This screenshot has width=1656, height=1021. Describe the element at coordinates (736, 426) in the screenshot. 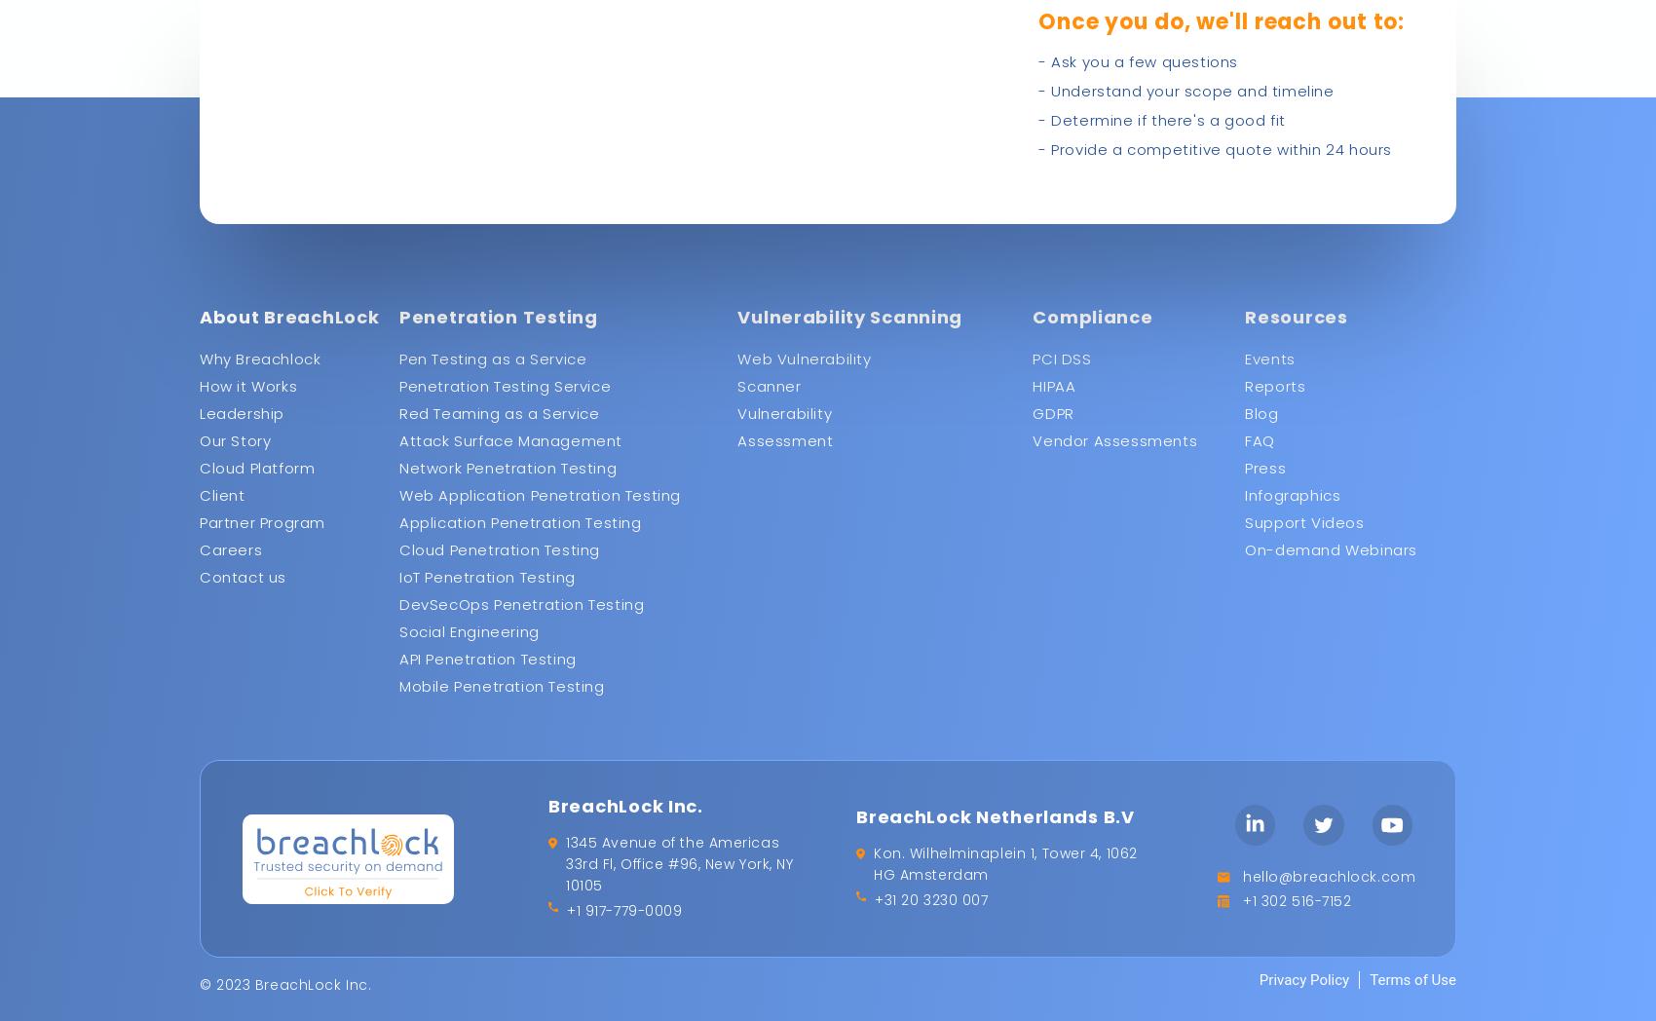

I see `'Vulnerability Assessment'` at that location.